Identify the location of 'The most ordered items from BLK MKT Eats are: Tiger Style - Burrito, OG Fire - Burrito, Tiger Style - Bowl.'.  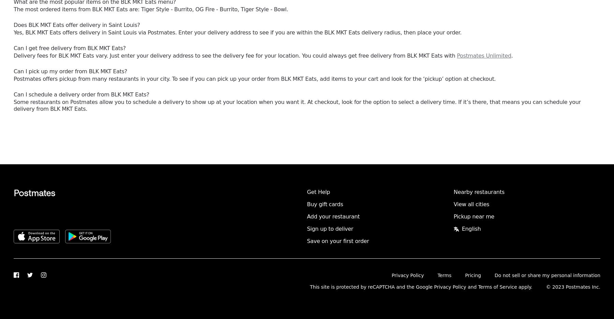
(151, 9).